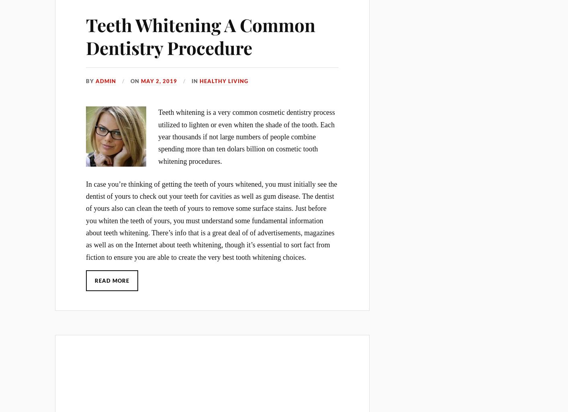 The image size is (568, 412). Describe the element at coordinates (85, 80) in the screenshot. I see `'By'` at that location.